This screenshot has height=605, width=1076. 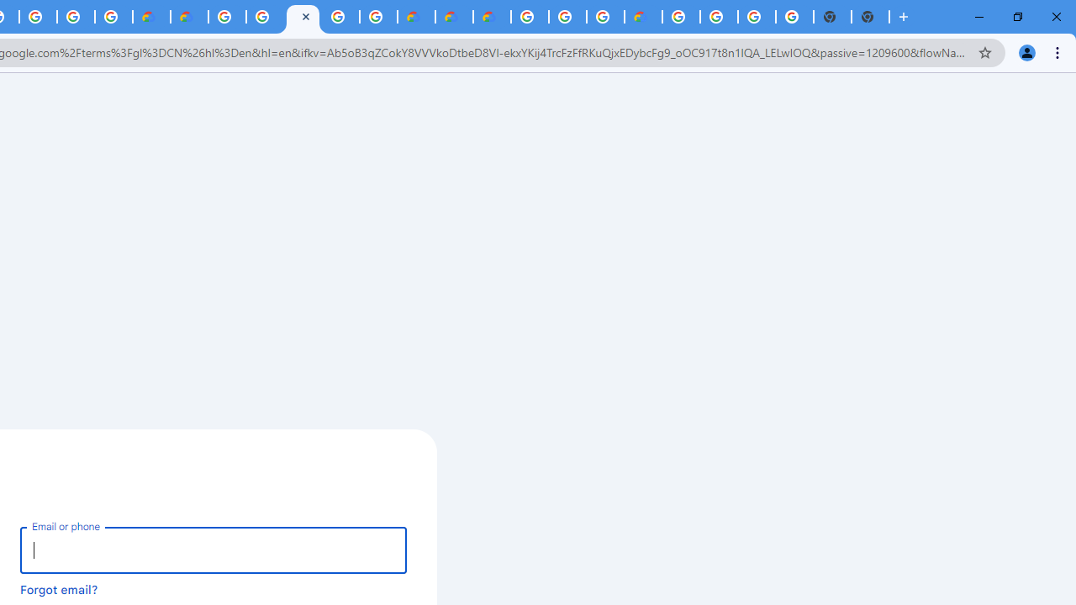 What do you see at coordinates (719, 17) in the screenshot?
I see `'Google Cloud Platform'` at bounding box center [719, 17].